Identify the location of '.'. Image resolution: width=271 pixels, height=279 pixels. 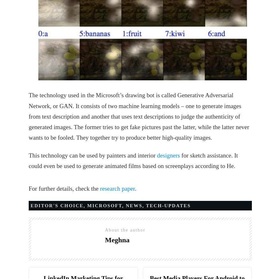
(135, 188).